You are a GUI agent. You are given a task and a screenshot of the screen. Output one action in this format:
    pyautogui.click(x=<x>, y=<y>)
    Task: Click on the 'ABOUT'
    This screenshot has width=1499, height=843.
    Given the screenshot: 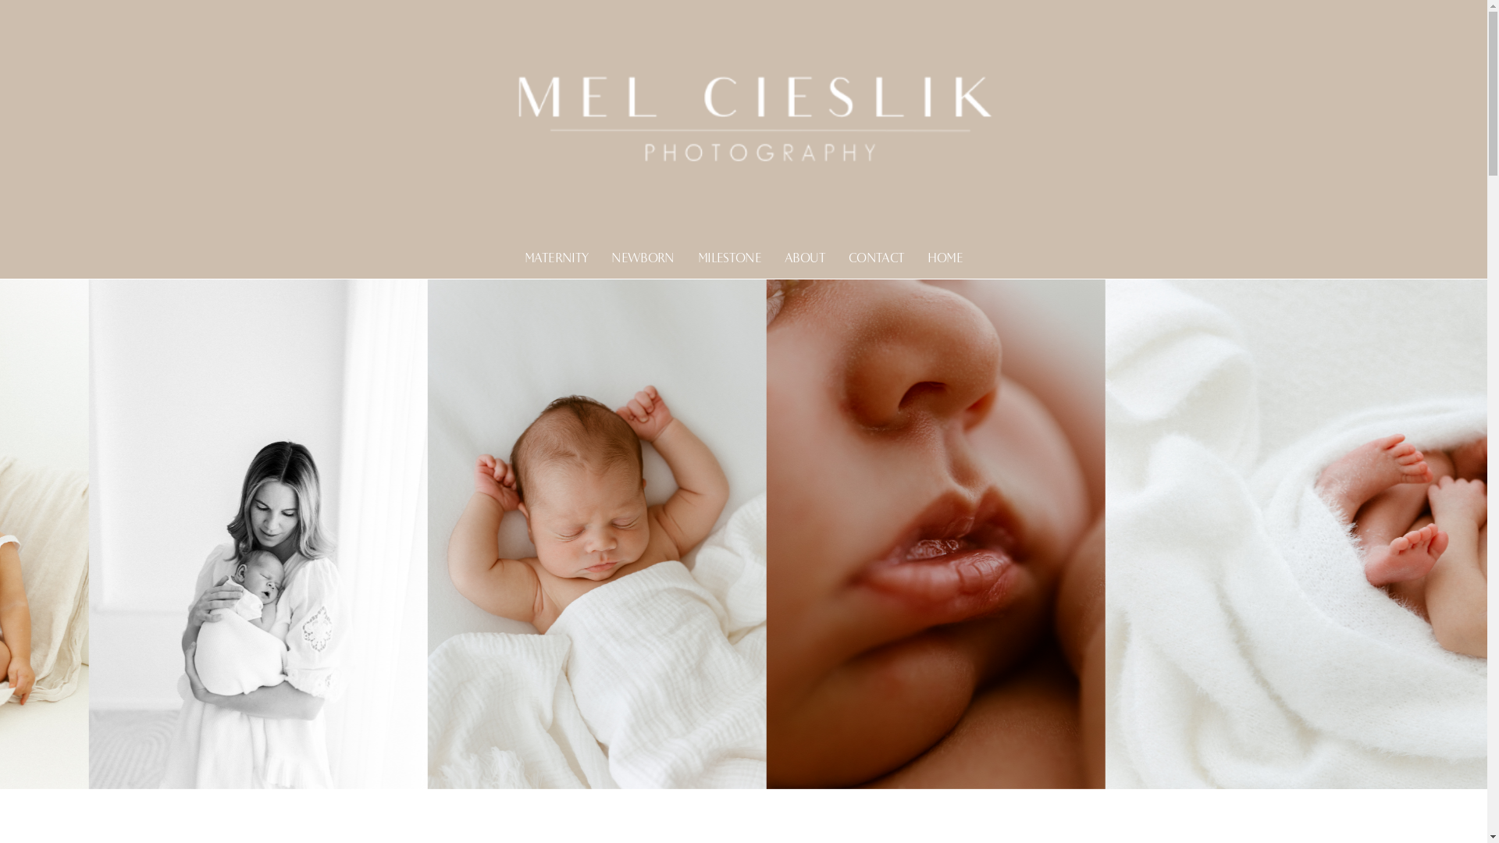 What is the action you would take?
    pyautogui.click(x=805, y=258)
    